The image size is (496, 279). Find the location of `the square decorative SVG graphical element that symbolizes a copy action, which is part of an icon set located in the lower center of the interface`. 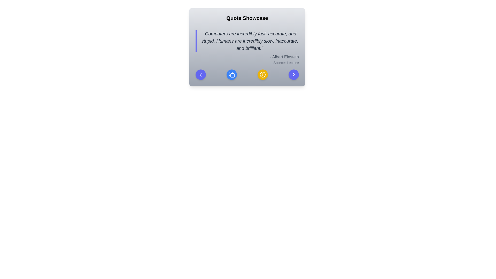

the square decorative SVG graphical element that symbolizes a copy action, which is part of an icon set located in the lower center of the interface is located at coordinates (232, 75).